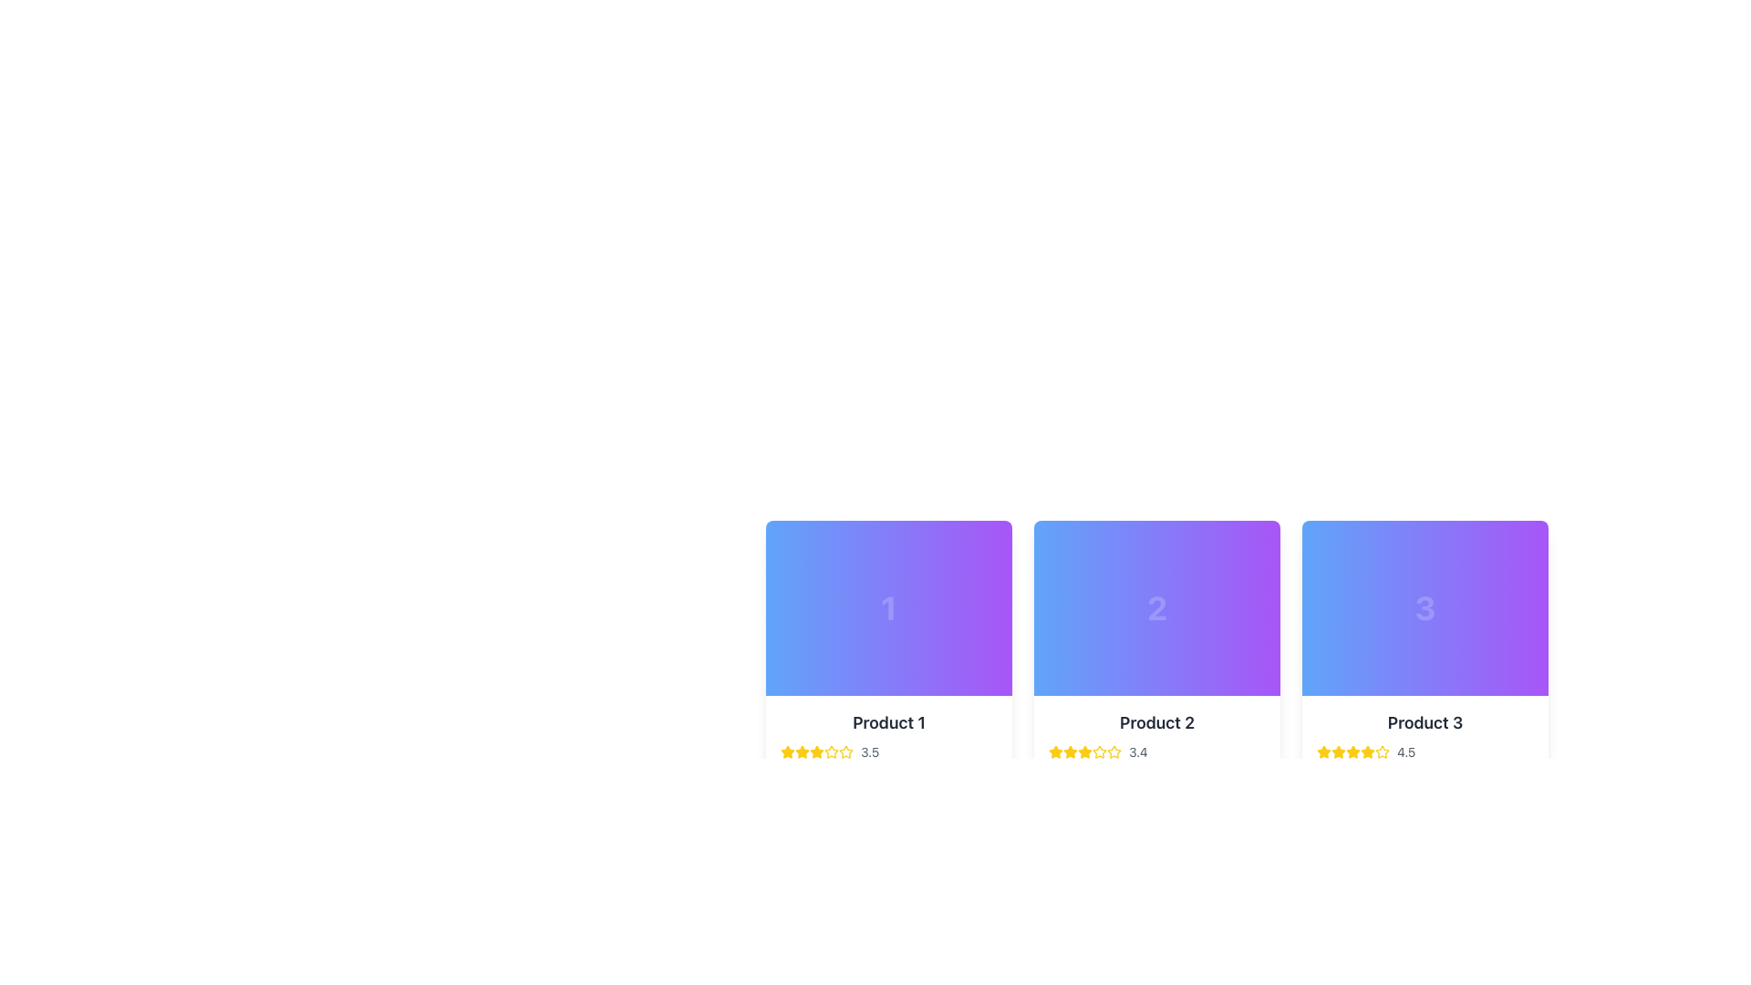  What do you see at coordinates (1114, 752) in the screenshot?
I see `the second star icon in the graphical rating system for 'Product 2' to interact with the rating` at bounding box center [1114, 752].